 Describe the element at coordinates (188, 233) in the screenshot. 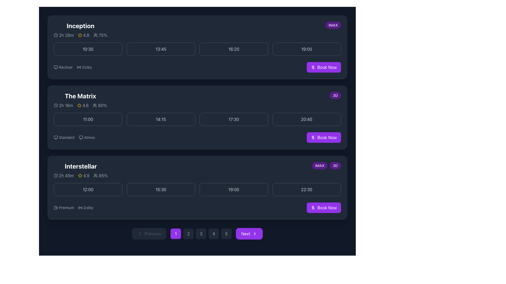

I see `the second navigational button in the pagination system located at the bottom center of the interface` at that location.